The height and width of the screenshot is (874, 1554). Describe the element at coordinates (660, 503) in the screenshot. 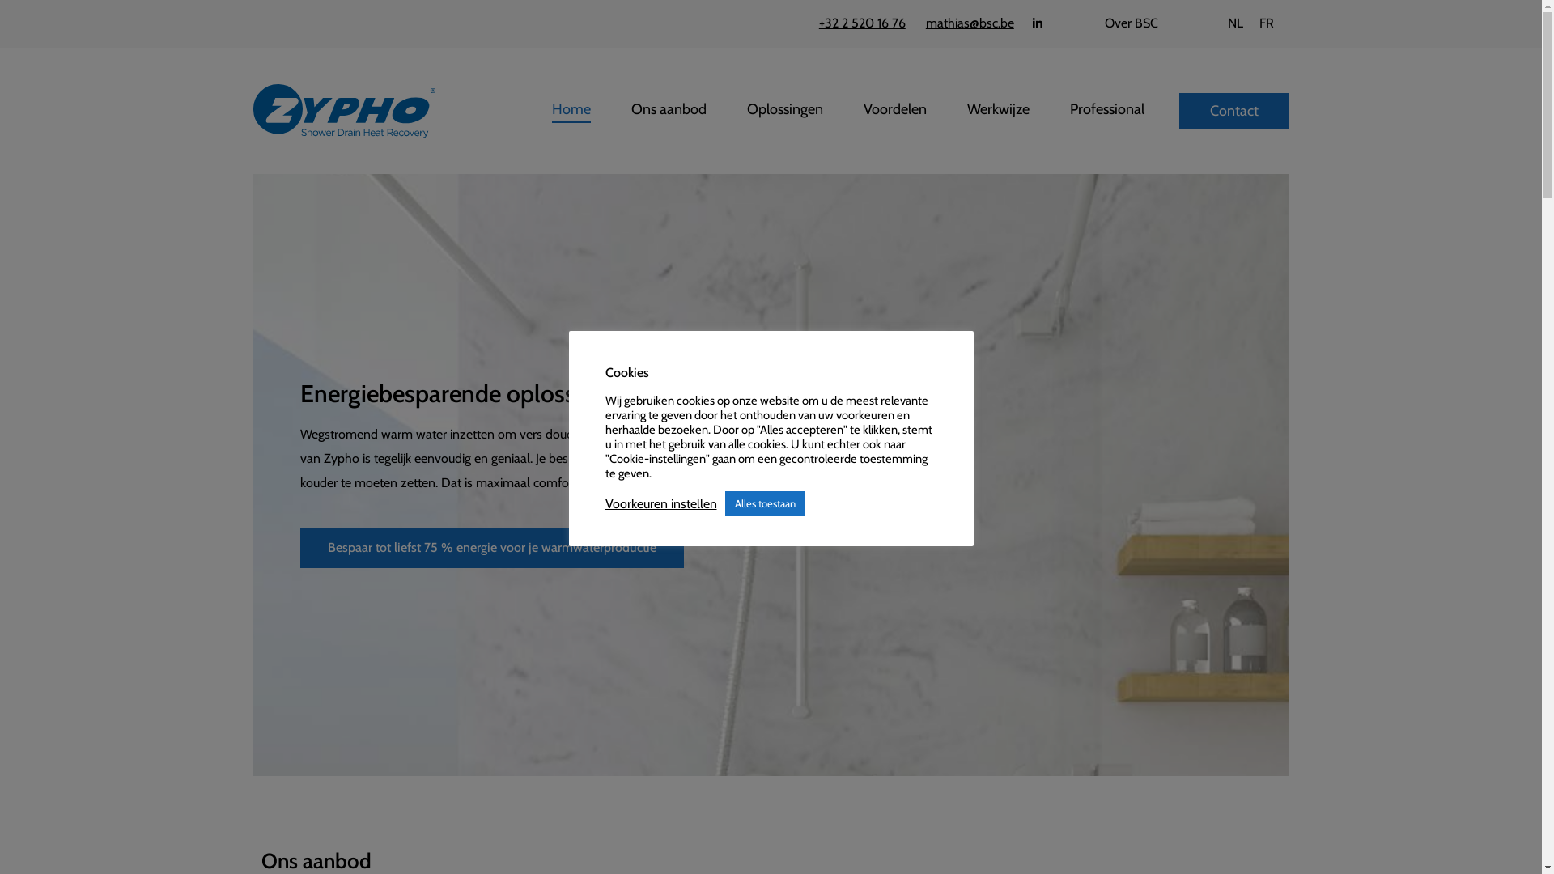

I see `'Voorkeuren instellen'` at that location.